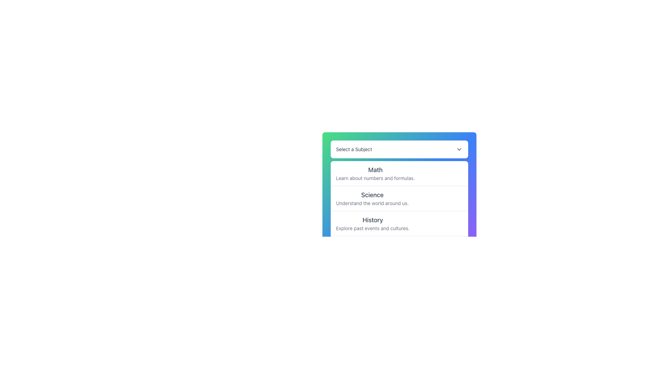 The width and height of the screenshot is (660, 371). I want to click on the 'Science' subject option in the dropdown list, so click(399, 201).